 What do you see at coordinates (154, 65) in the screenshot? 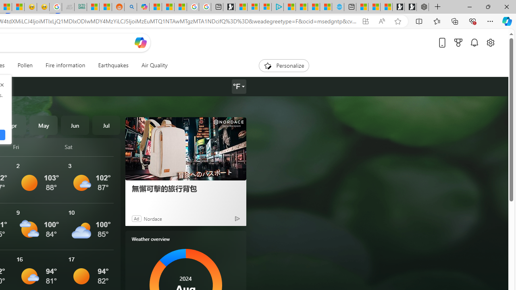
I see `'Air Quality'` at bounding box center [154, 65].